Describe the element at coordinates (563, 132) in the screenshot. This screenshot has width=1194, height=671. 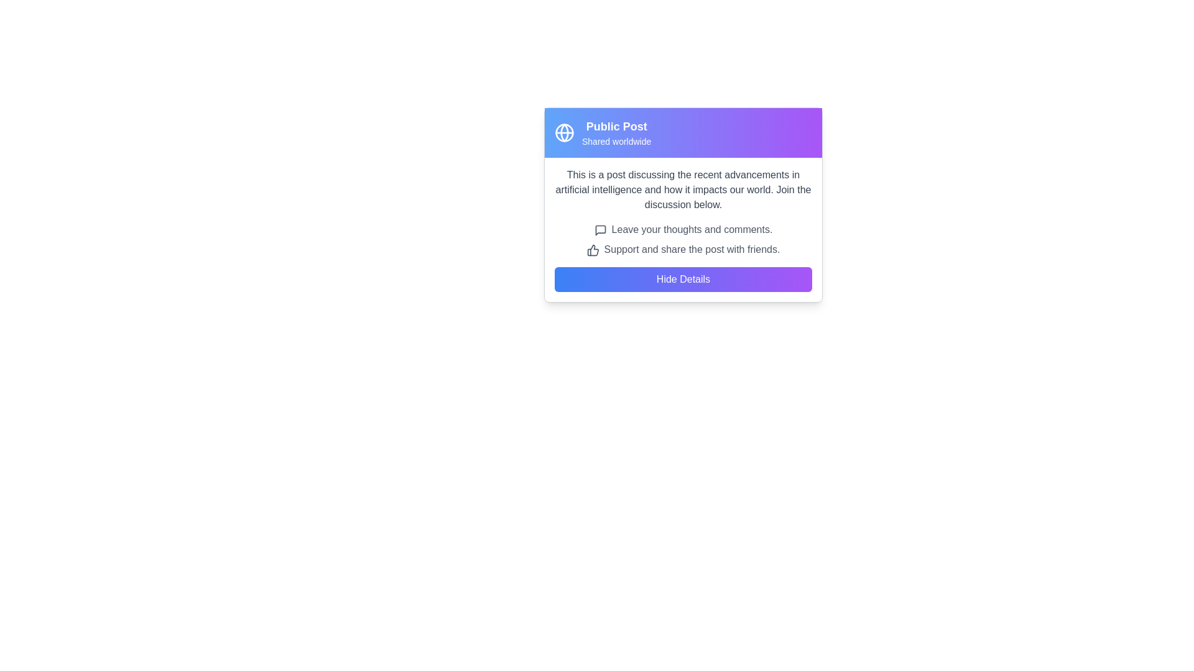
I see `the globe icon in the top-left corner of the blue-purple gradient header, located adjacent to the 'Public Post' title and 'Shared worldwide' subtitle` at that location.